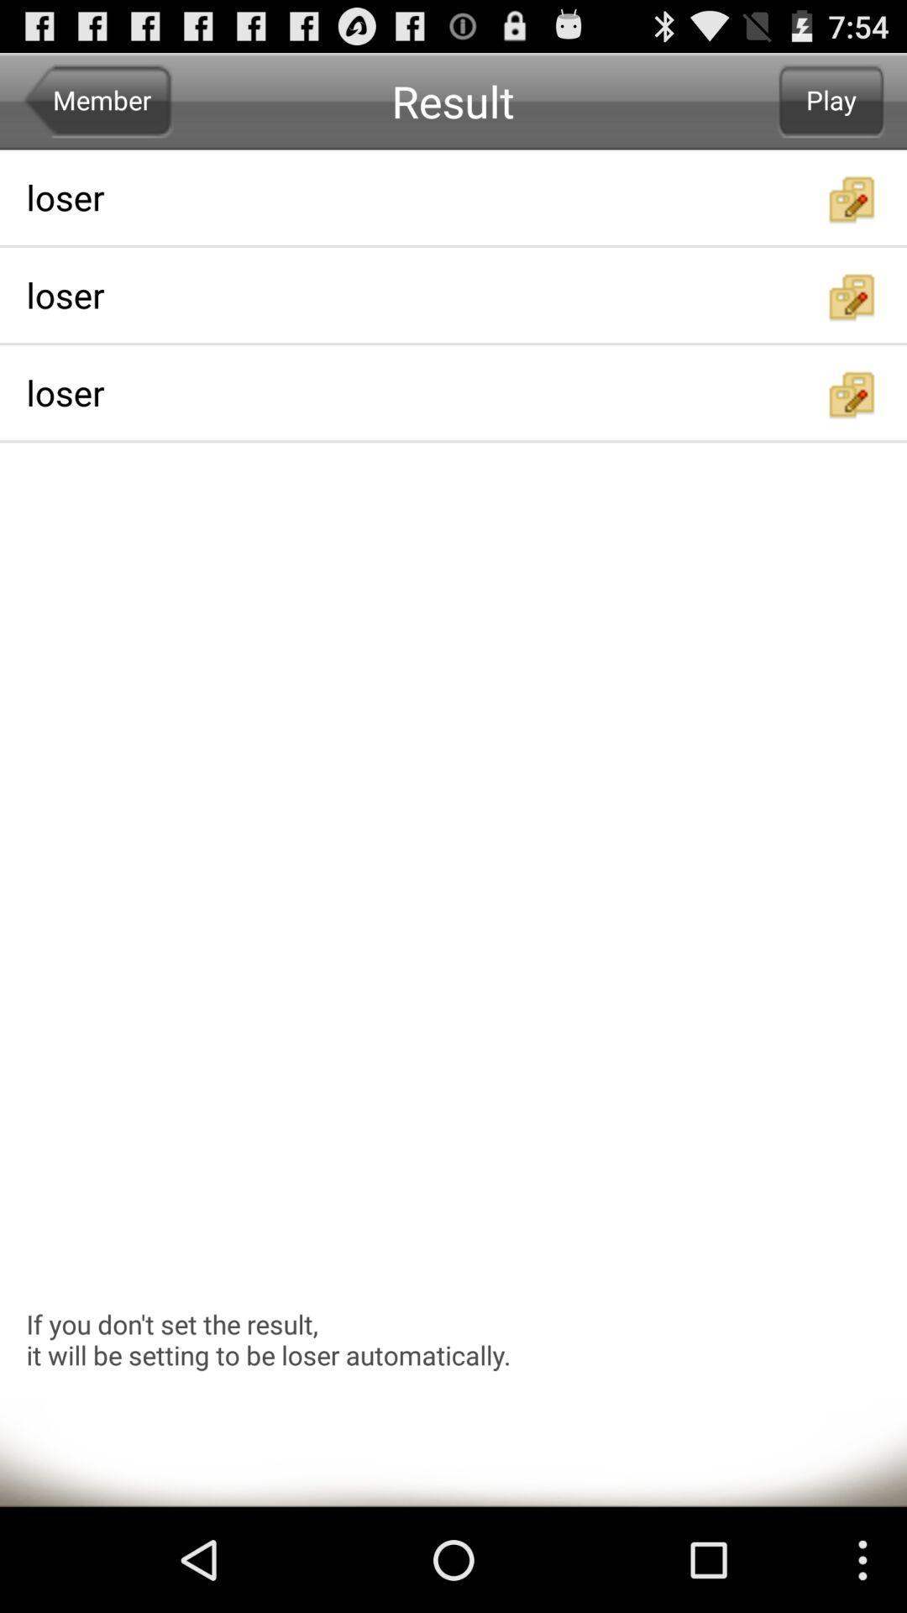  What do you see at coordinates (831, 100) in the screenshot?
I see `play icon` at bounding box center [831, 100].